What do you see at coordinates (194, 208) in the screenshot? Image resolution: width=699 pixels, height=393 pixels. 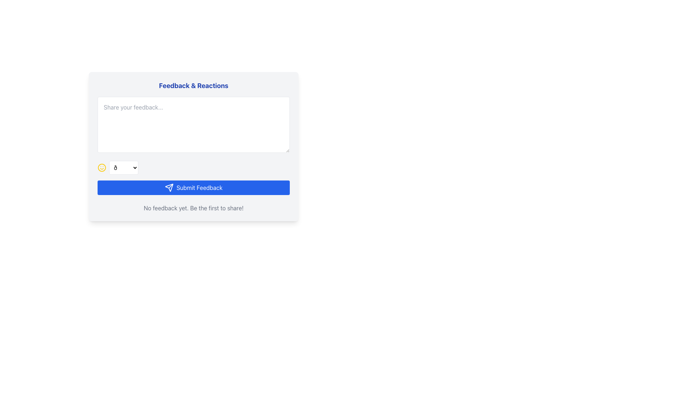 I see `the informational text that reads 'No feedback yet. Be the first to share!' positioned at the bottom of the feedback module, just below the 'Submit Feedback' button` at bounding box center [194, 208].